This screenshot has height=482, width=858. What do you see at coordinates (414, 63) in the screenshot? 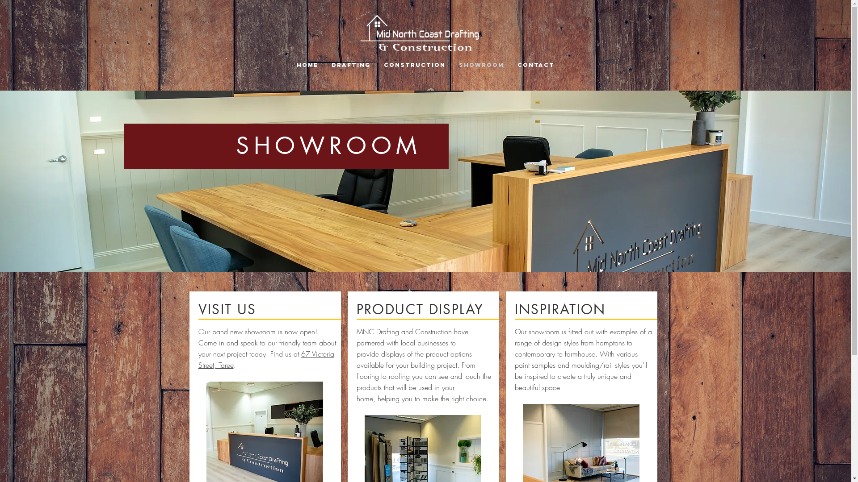
I see `'CONSTRUCTION'` at bounding box center [414, 63].